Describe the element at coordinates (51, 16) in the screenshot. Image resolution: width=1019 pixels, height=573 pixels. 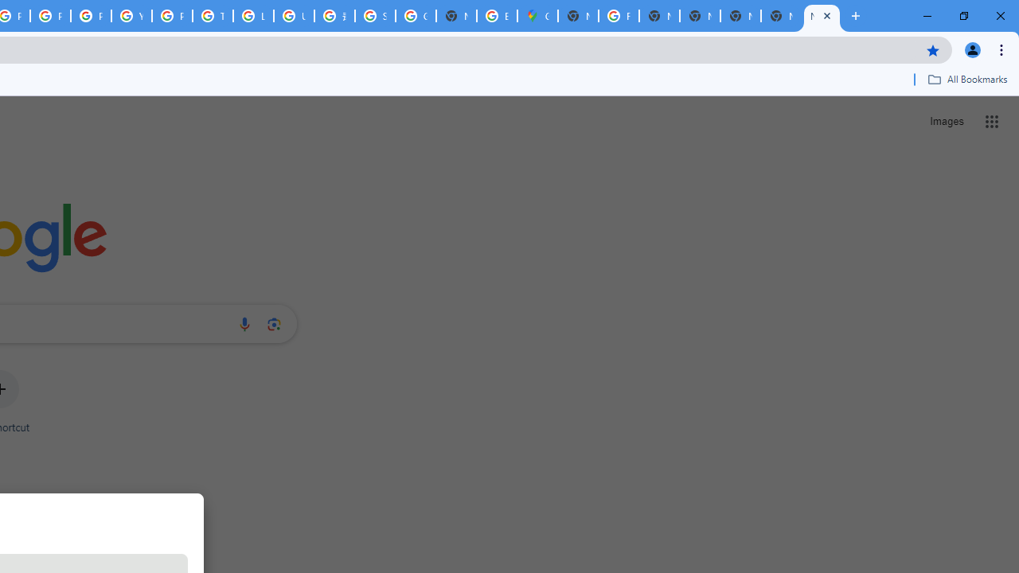
I see `'Privacy Help Center - Policies Help'` at that location.